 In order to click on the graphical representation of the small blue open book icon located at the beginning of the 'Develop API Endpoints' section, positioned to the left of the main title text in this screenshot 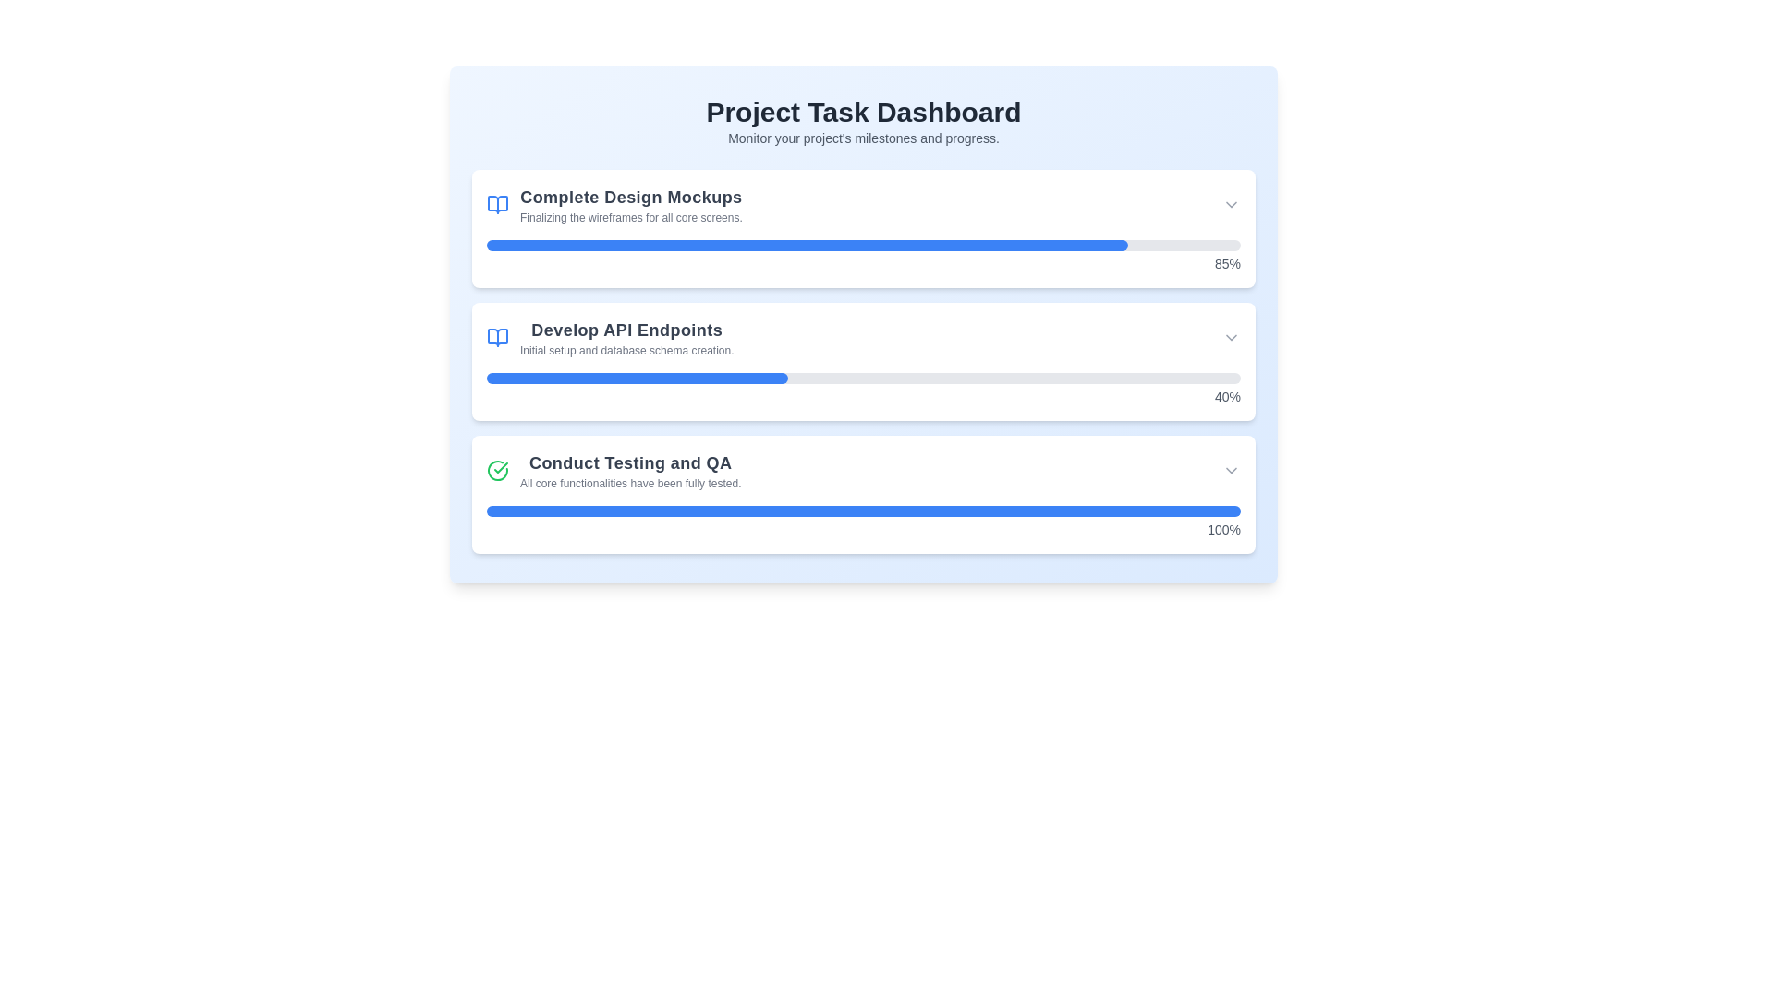, I will do `click(497, 338)`.